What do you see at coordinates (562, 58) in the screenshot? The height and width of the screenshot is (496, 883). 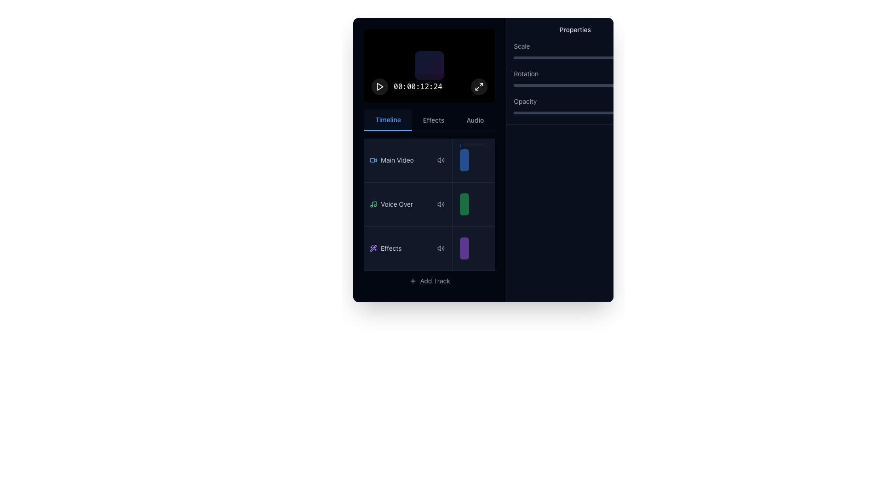 I see `the scale property` at bounding box center [562, 58].